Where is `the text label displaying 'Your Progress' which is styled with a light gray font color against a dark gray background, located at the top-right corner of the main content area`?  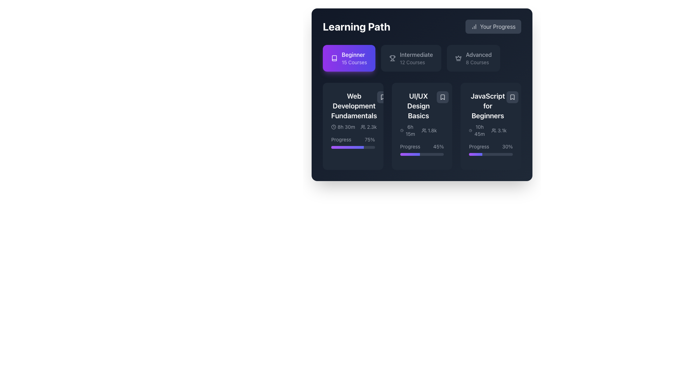
the text label displaying 'Your Progress' which is styled with a light gray font color against a dark gray background, located at the top-right corner of the main content area is located at coordinates (497, 26).